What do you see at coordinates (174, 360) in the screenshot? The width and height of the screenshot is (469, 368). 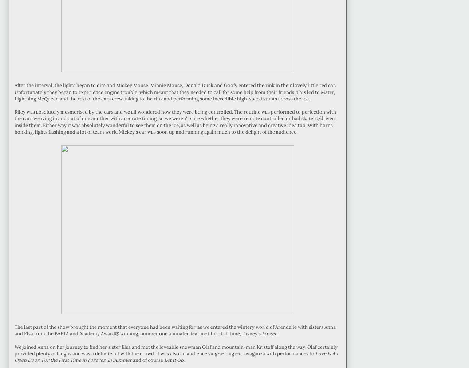 I see `'Let it Go'` at bounding box center [174, 360].